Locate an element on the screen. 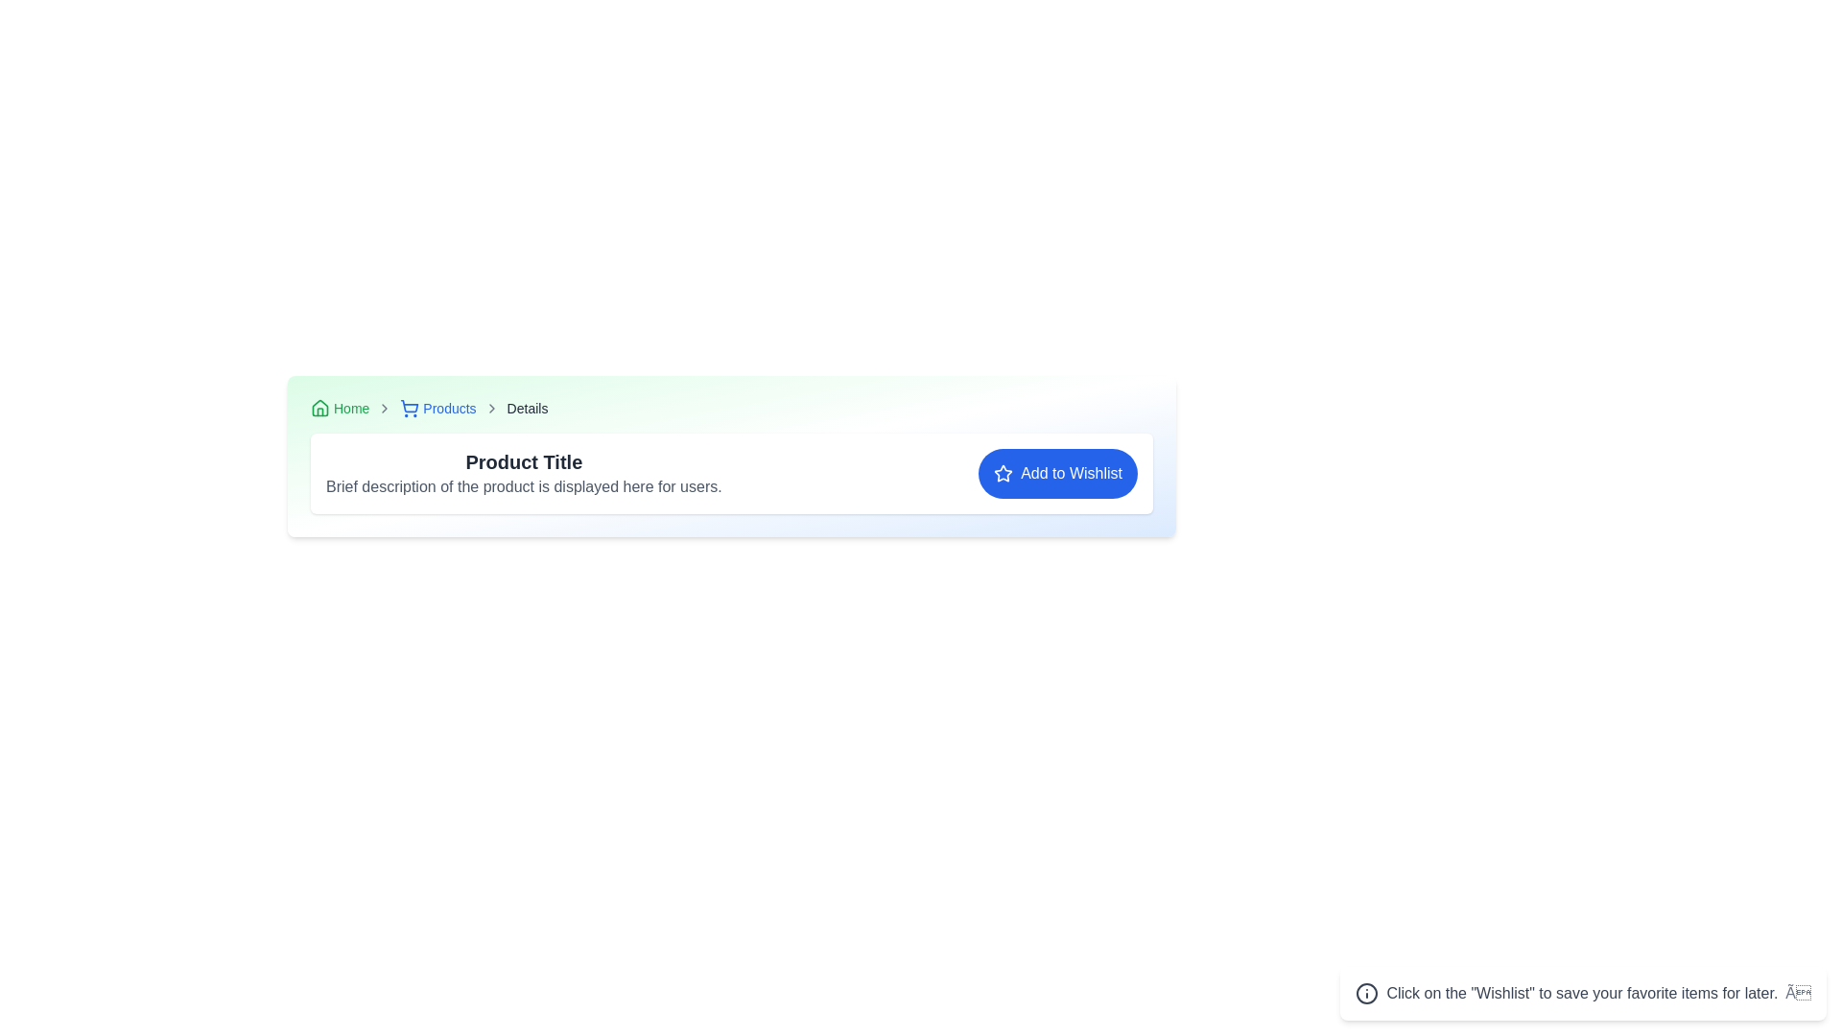 The image size is (1842, 1036). the Breadcrumb navigation bar located at the top of the card-like section is located at coordinates (731, 407).